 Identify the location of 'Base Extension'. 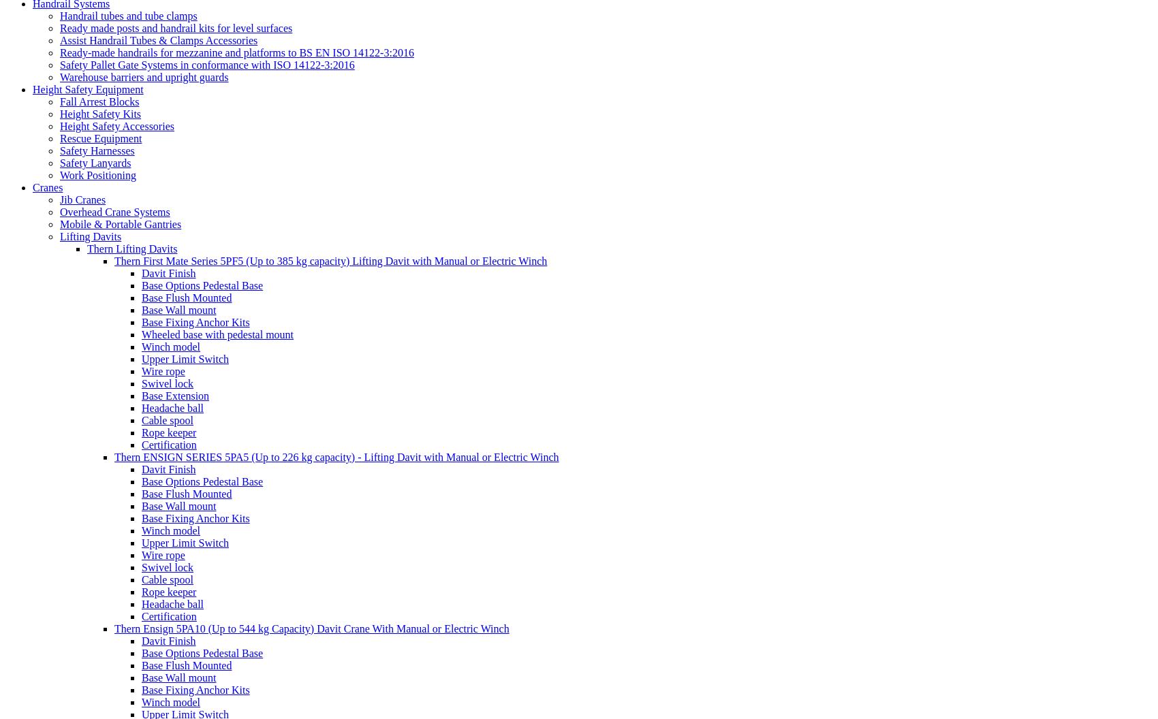
(175, 395).